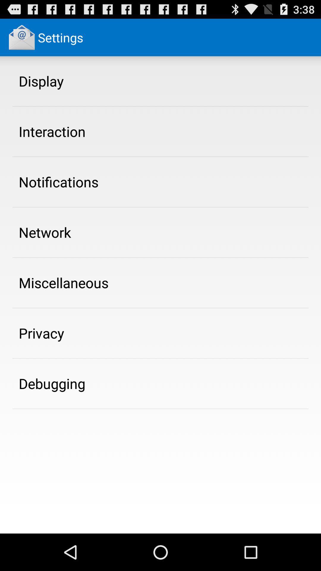 The width and height of the screenshot is (321, 571). I want to click on app at the bottom left corner, so click(52, 383).